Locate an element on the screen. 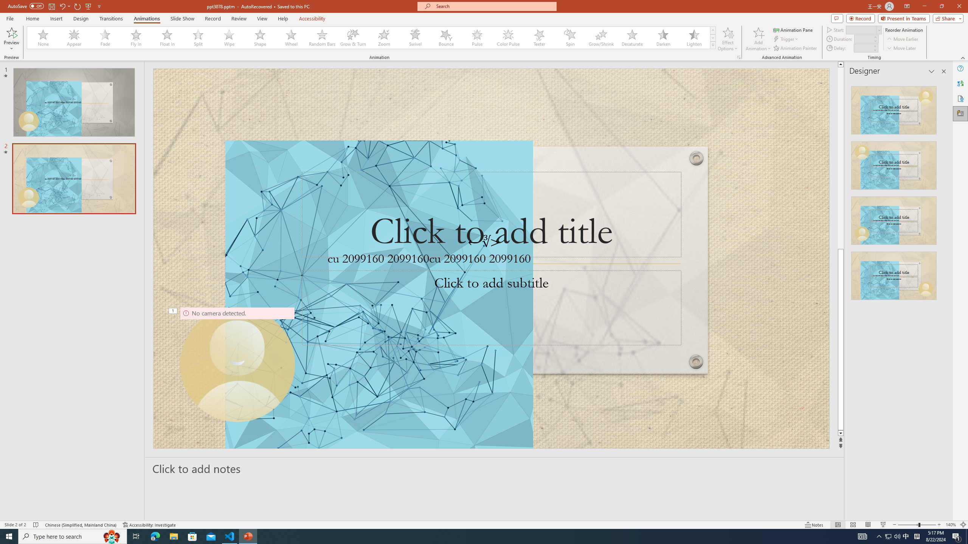 Image resolution: width=968 pixels, height=544 pixels. 'Color Pulse' is located at coordinates (508, 37).